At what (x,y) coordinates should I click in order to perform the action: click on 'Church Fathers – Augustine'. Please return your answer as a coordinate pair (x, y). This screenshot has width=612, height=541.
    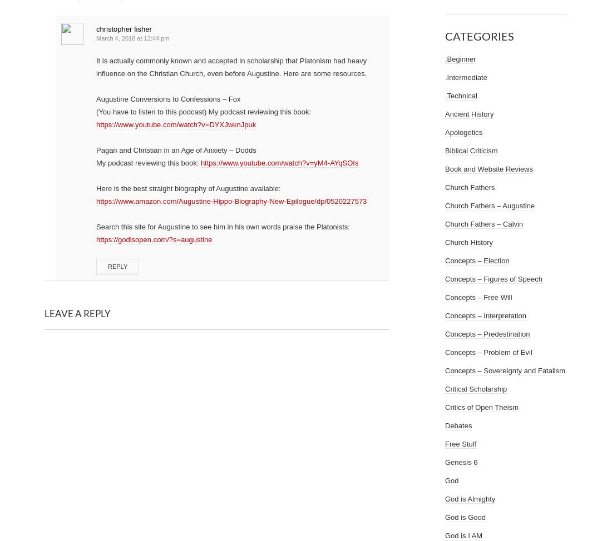
    Looking at the image, I should click on (489, 206).